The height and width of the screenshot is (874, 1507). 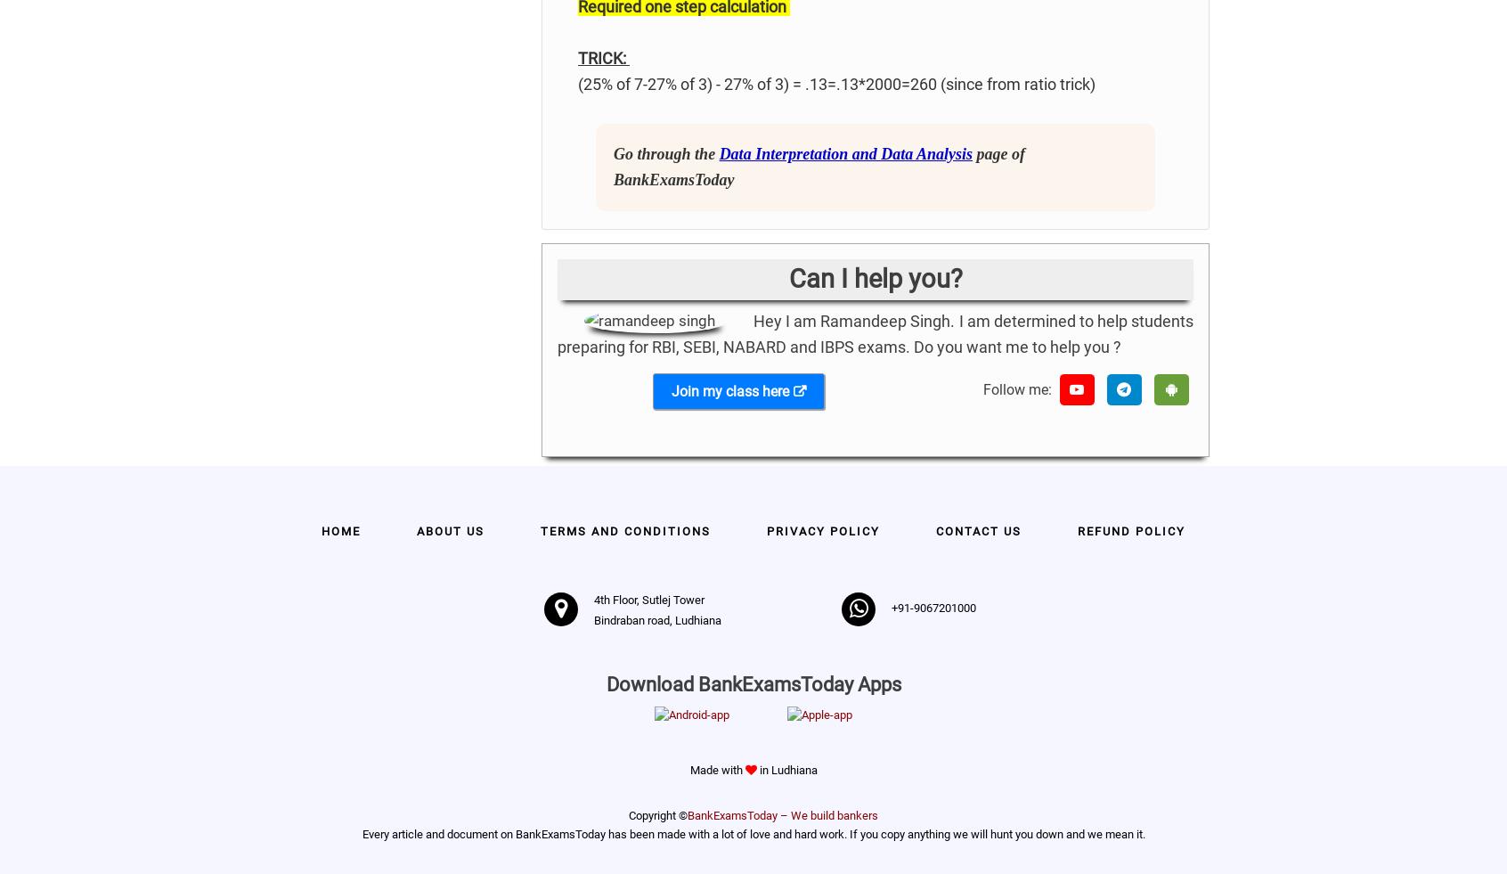 What do you see at coordinates (819, 165) in the screenshot?
I see `'page of BankExamsToday'` at bounding box center [819, 165].